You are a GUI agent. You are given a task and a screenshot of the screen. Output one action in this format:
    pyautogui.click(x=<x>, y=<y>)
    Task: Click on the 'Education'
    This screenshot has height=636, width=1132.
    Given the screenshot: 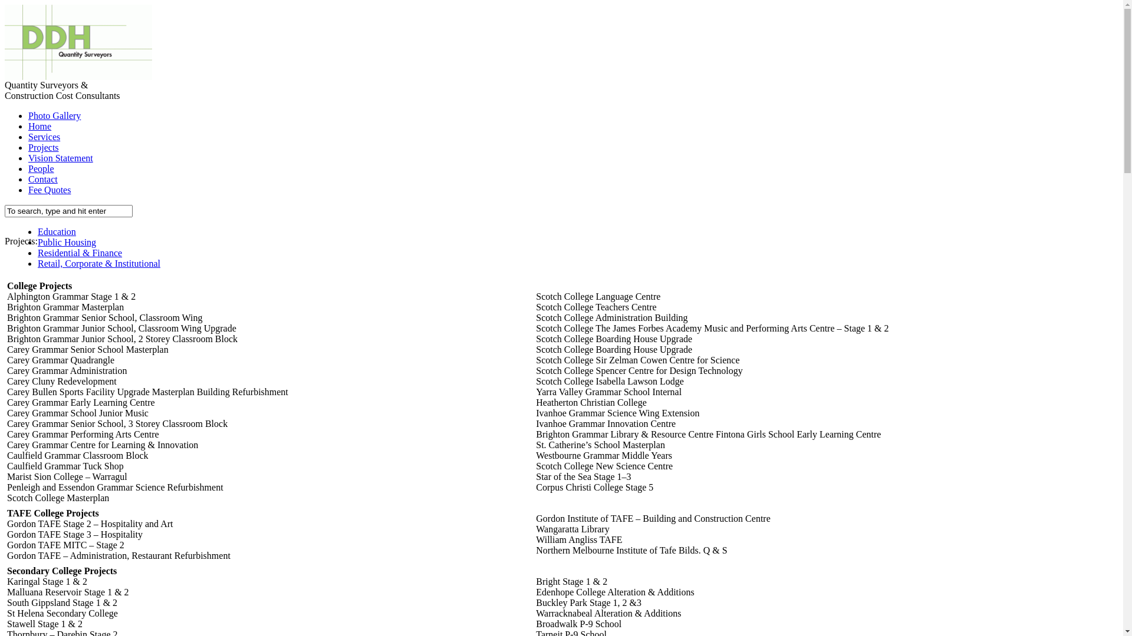 What is the action you would take?
    pyautogui.click(x=37, y=231)
    